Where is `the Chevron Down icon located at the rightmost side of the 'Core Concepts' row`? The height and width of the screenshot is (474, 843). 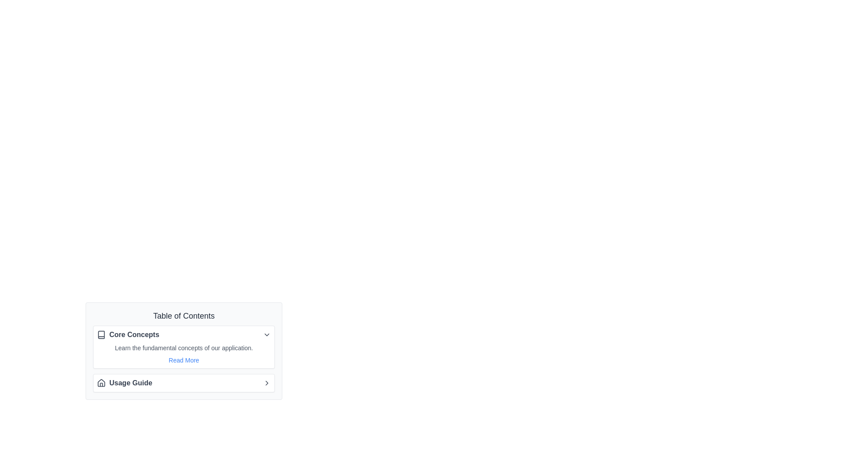
the Chevron Down icon located at the rightmost side of the 'Core Concepts' row is located at coordinates (267, 335).